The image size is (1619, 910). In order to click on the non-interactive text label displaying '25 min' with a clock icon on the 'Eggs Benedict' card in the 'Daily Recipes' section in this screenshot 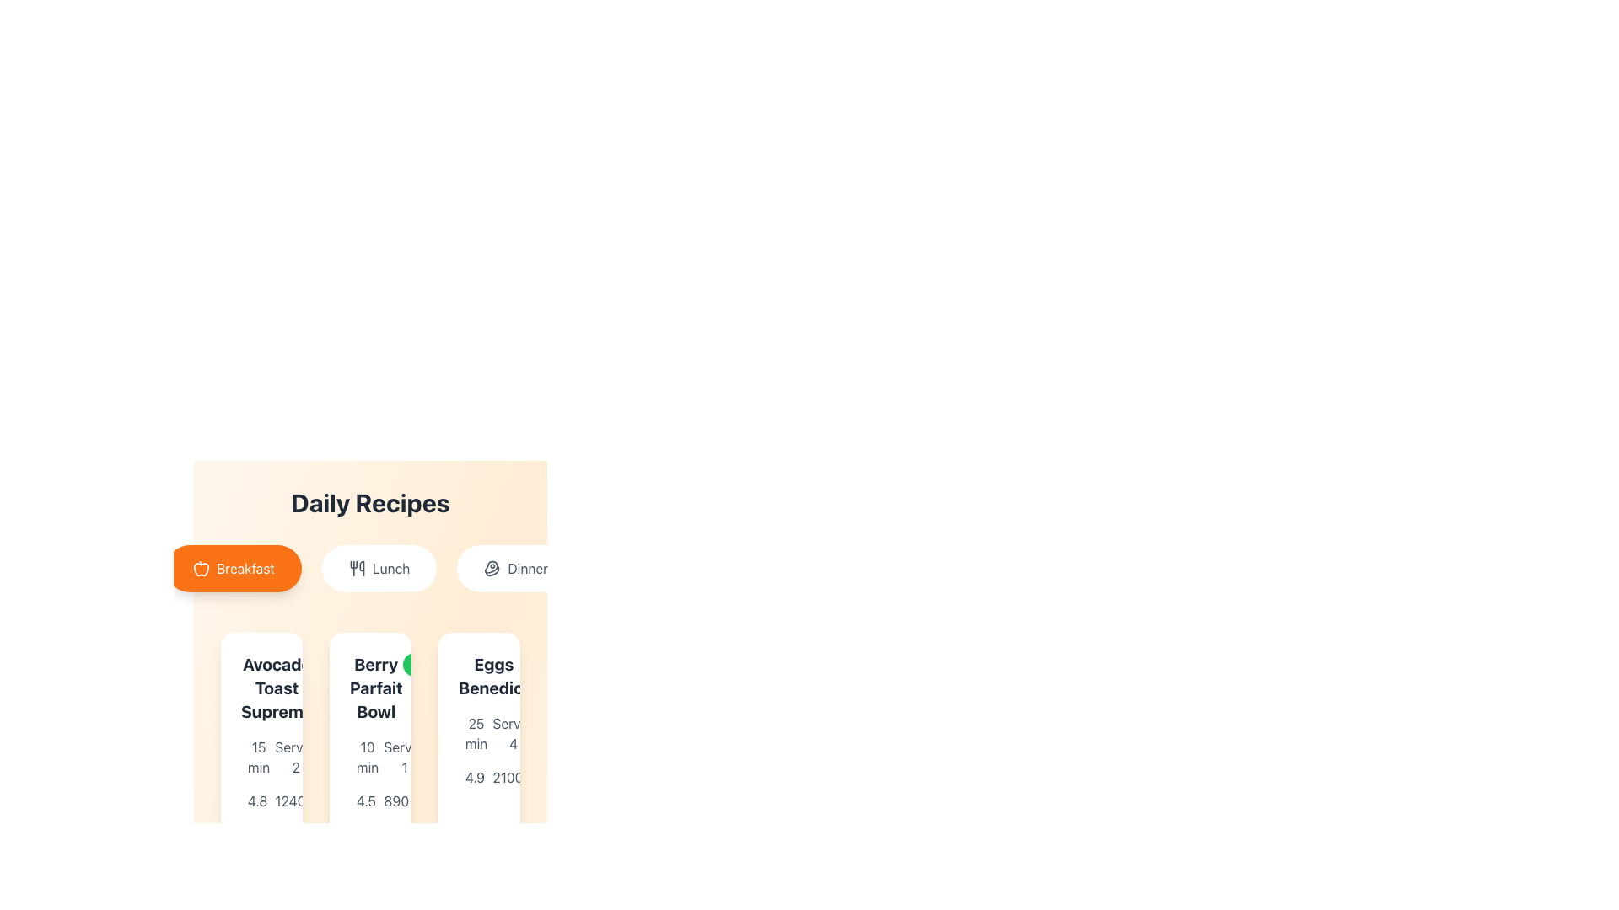, I will do `click(465, 733)`.